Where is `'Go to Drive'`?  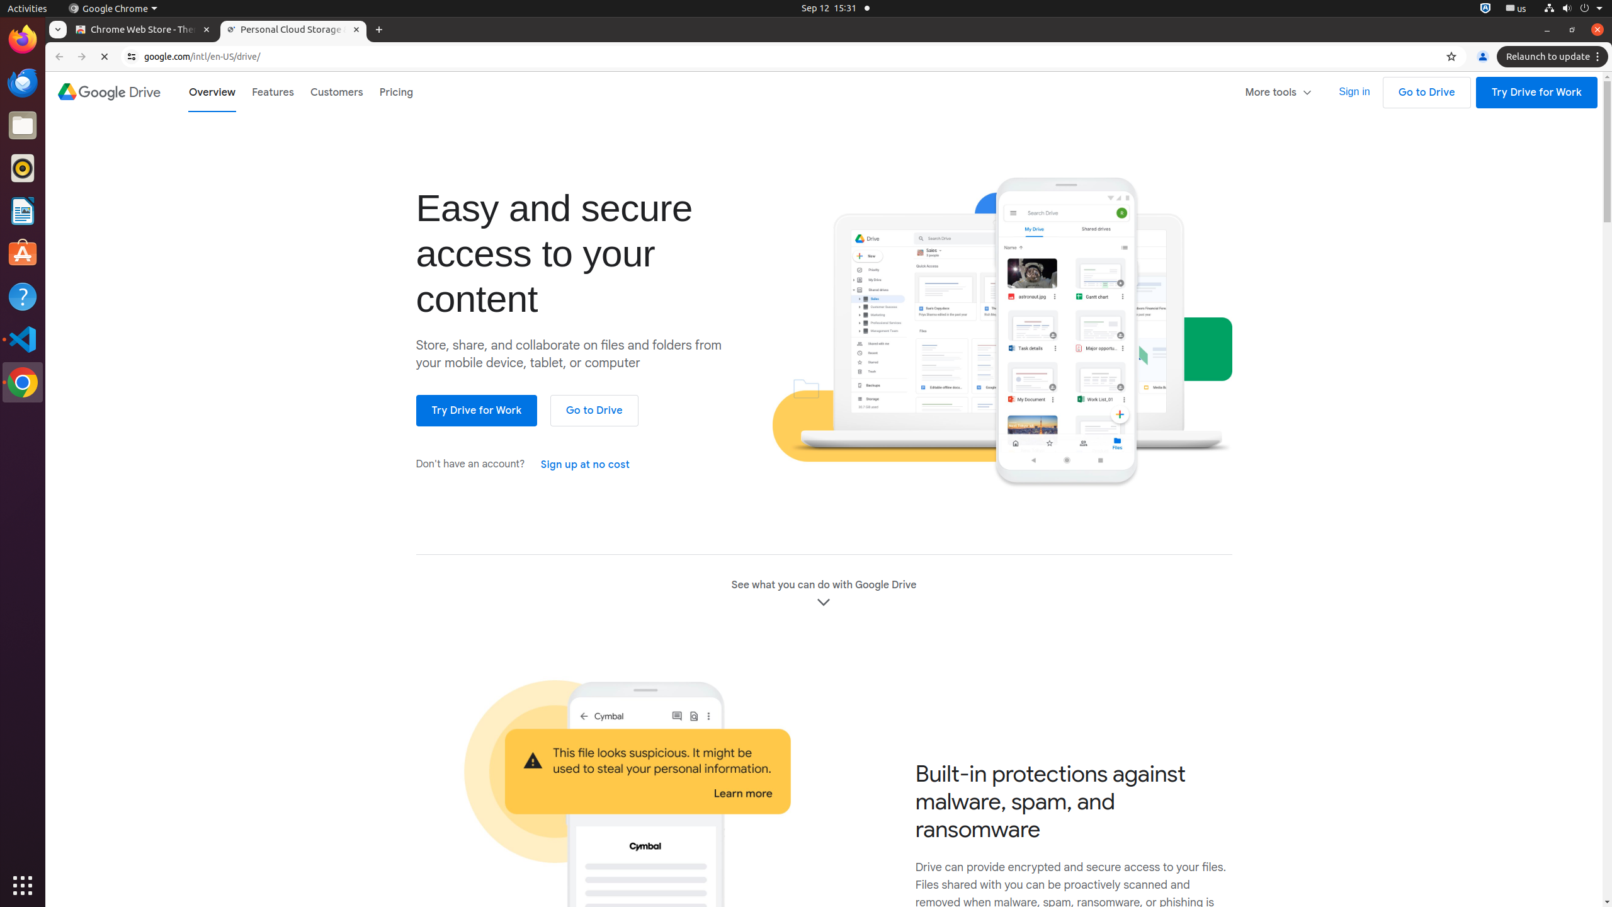 'Go to Drive' is located at coordinates (1427, 92).